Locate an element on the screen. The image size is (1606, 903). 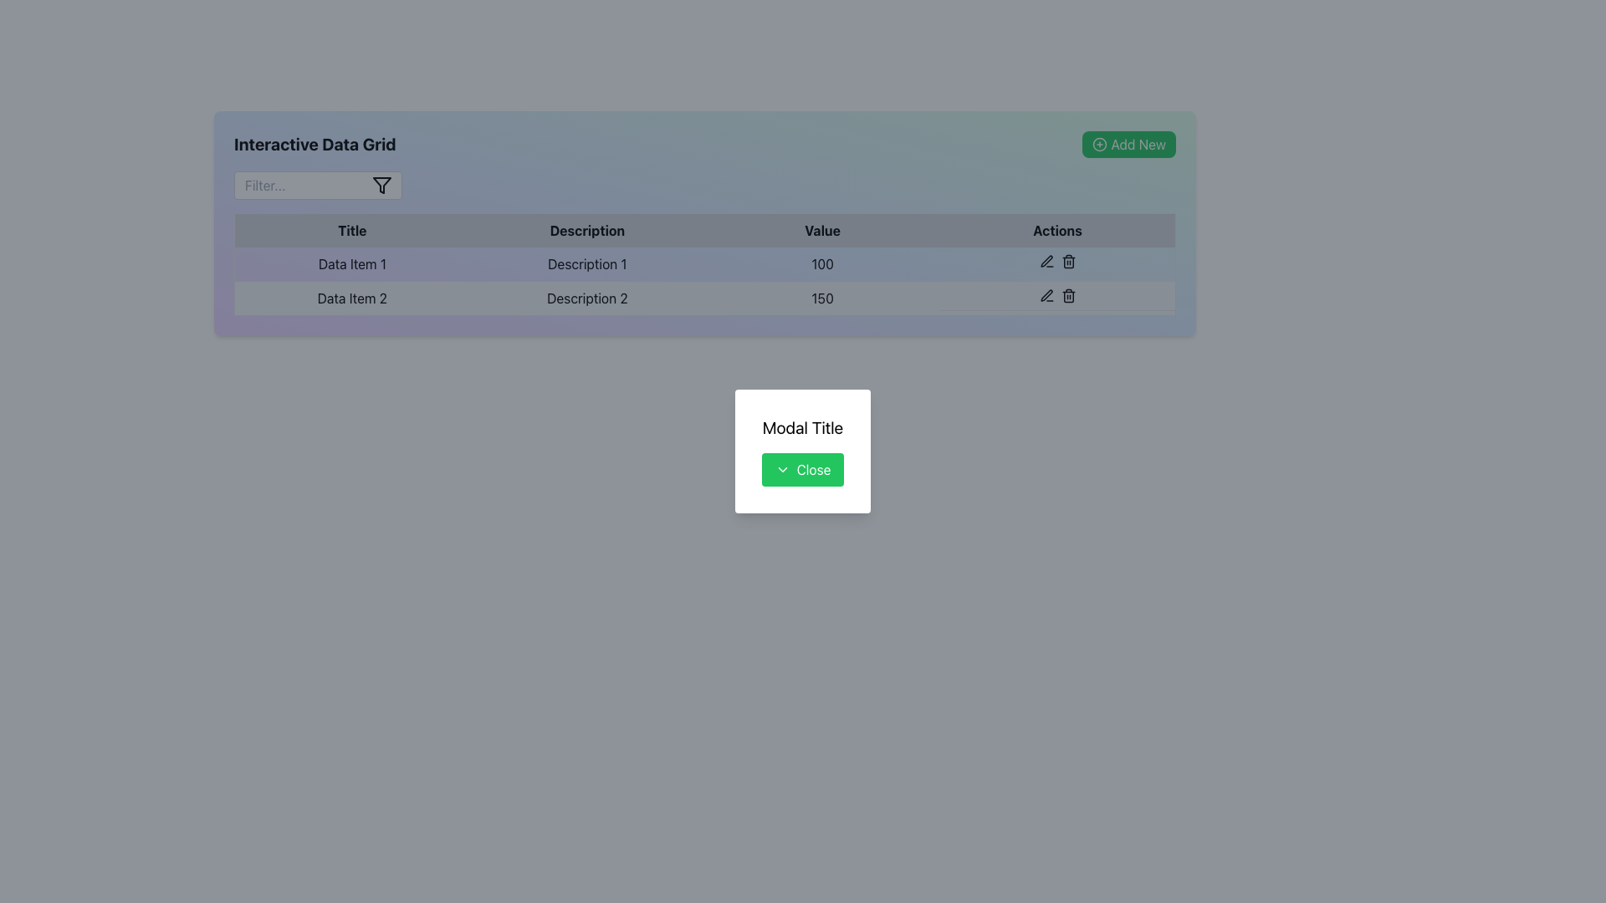
the edit icon (pencil) in the 'Actions' column for the row labeled 'Data Item 2' is located at coordinates (1046, 261).